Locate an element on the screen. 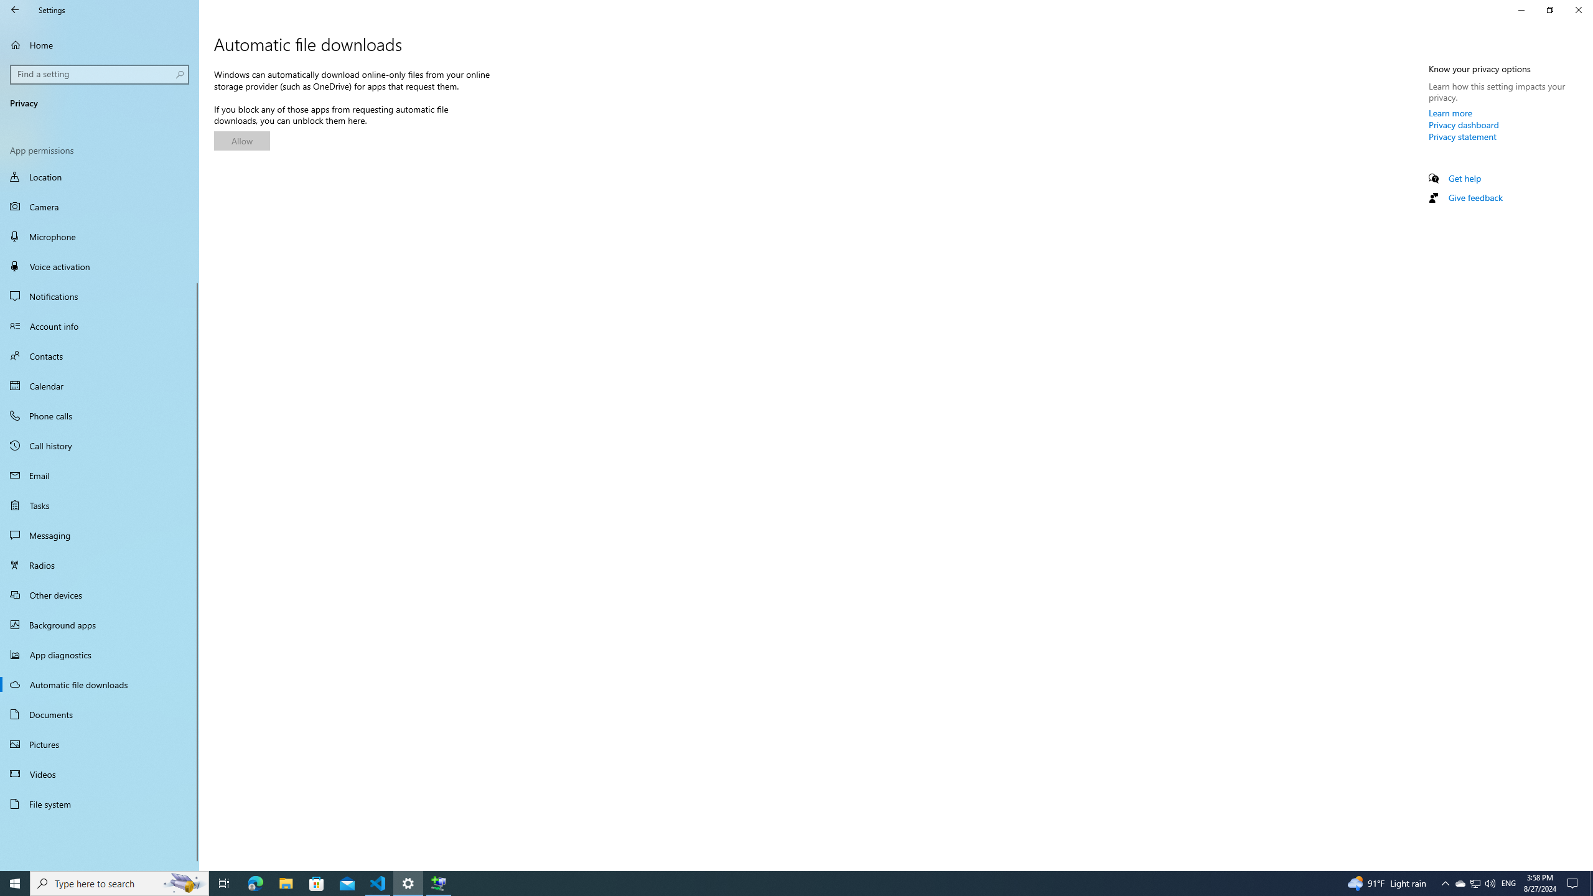  'Voice activation' is located at coordinates (99, 266).